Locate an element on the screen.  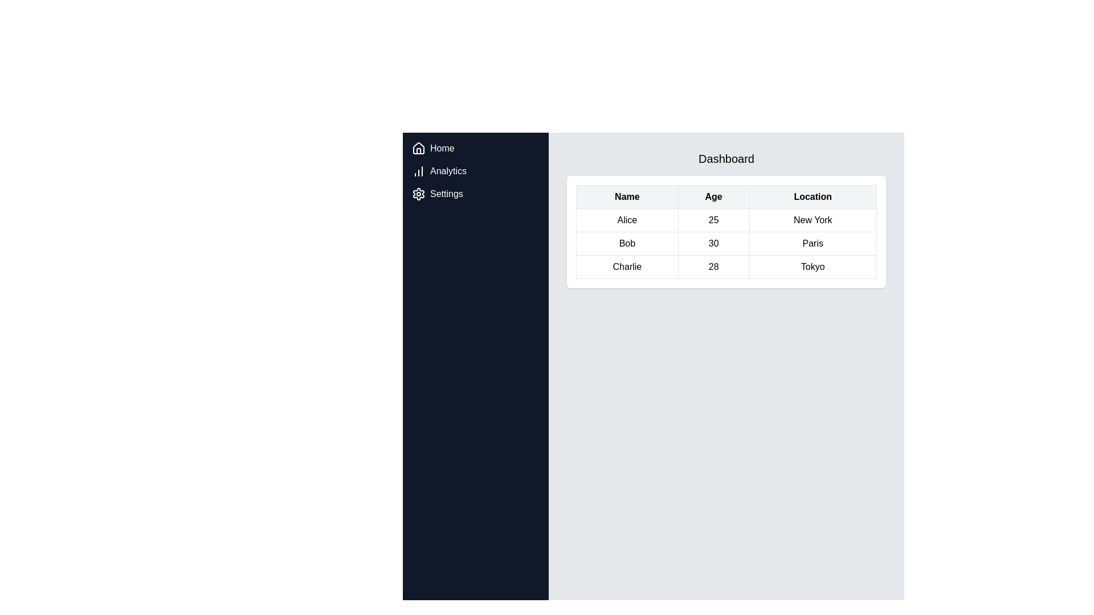
the navigation menu item located in the sidebar under 'Home' and above 'Settings' is located at coordinates (476, 171).